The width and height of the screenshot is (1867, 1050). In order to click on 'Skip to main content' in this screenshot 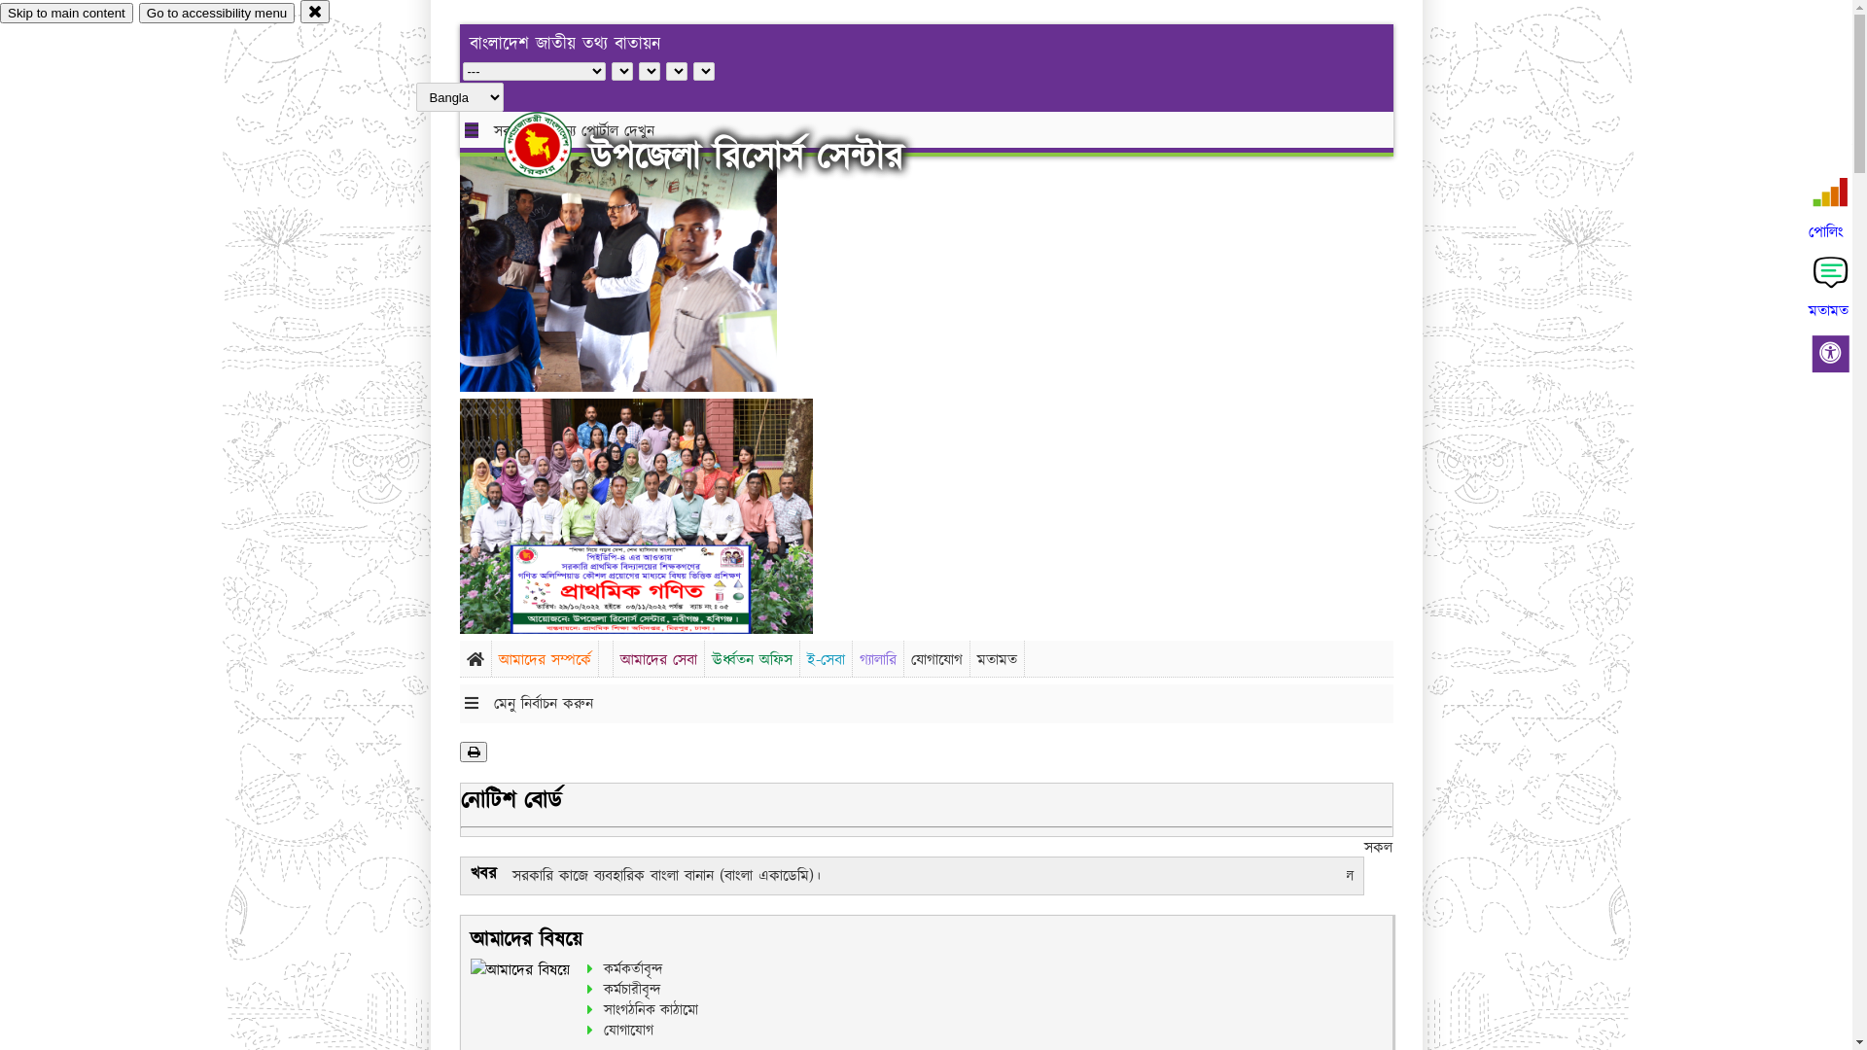, I will do `click(66, 13)`.